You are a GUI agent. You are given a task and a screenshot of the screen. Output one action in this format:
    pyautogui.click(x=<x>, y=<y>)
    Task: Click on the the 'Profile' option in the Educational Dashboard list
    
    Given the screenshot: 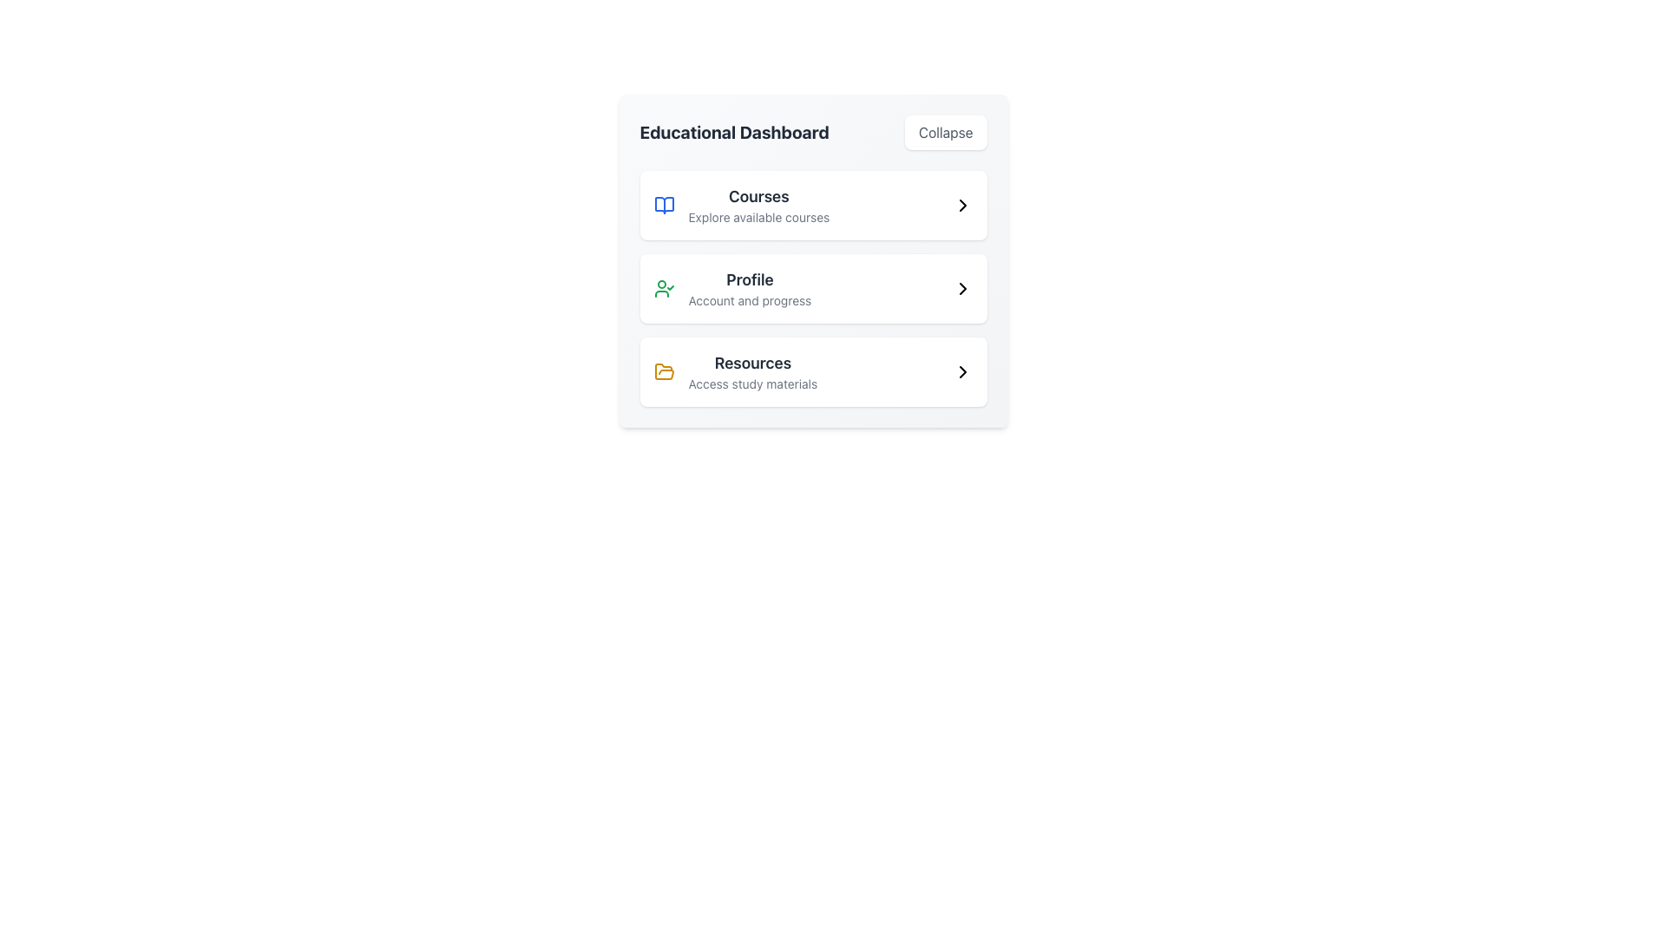 What is the action you would take?
    pyautogui.click(x=812, y=287)
    